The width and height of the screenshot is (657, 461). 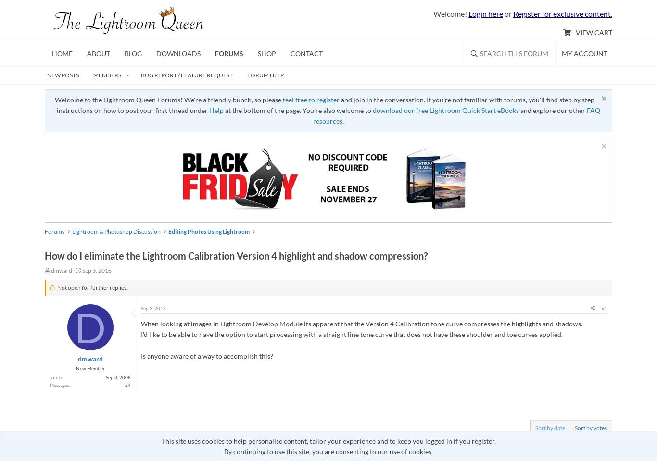 I want to click on 'Search This Forum', so click(x=514, y=53).